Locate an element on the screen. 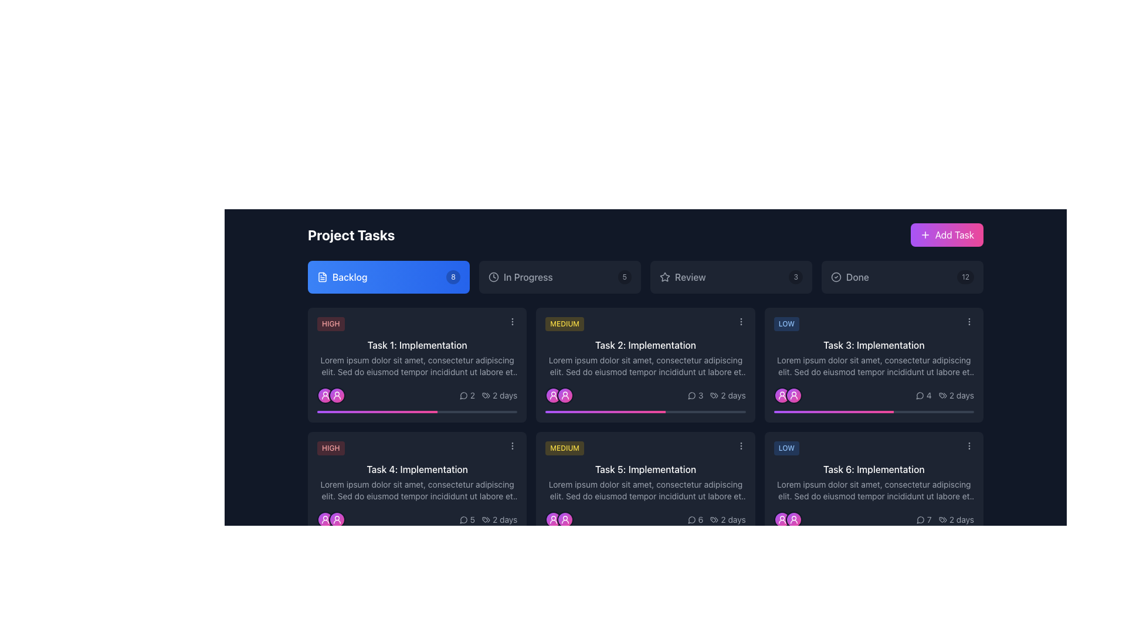 This screenshot has width=1126, height=633. displayed text from the Text label indicating the remaining time or deadline associated with the task, located in the bottom right corner of the task card is located at coordinates (956, 519).